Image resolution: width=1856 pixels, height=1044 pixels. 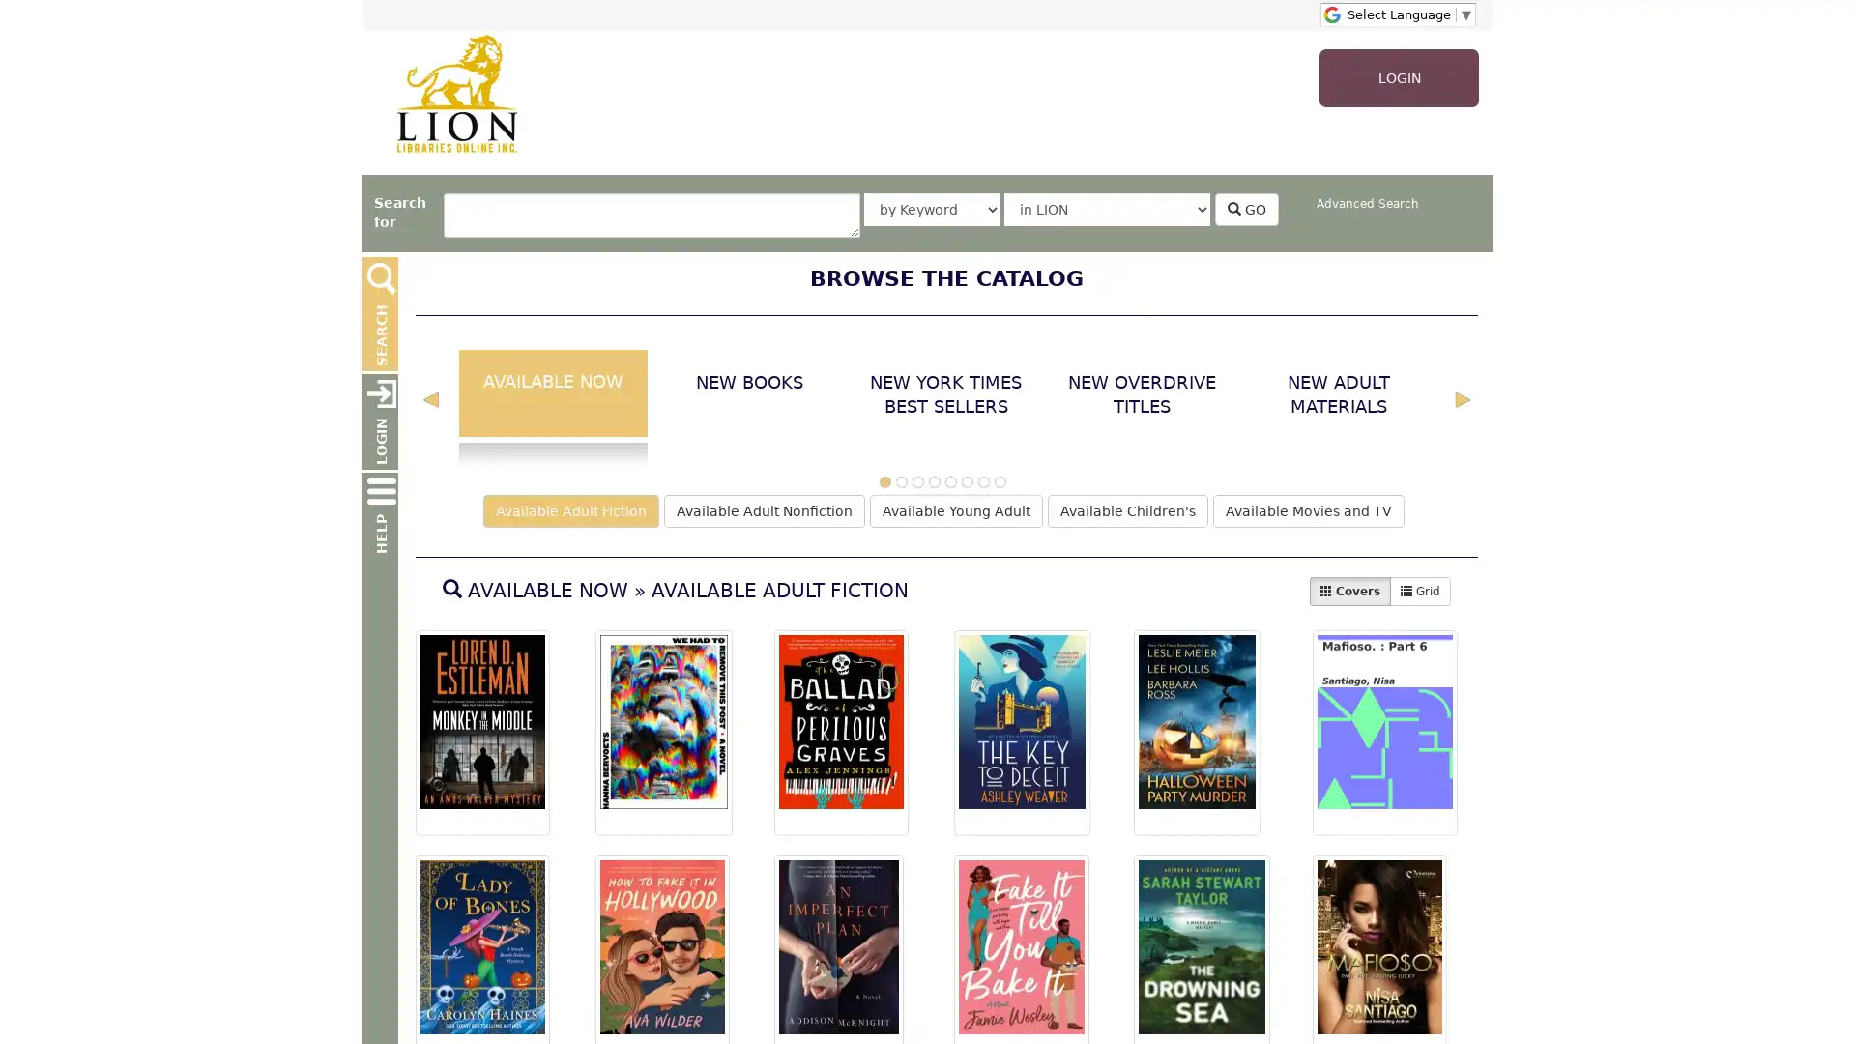 What do you see at coordinates (1246, 209) in the screenshot?
I see `GO` at bounding box center [1246, 209].